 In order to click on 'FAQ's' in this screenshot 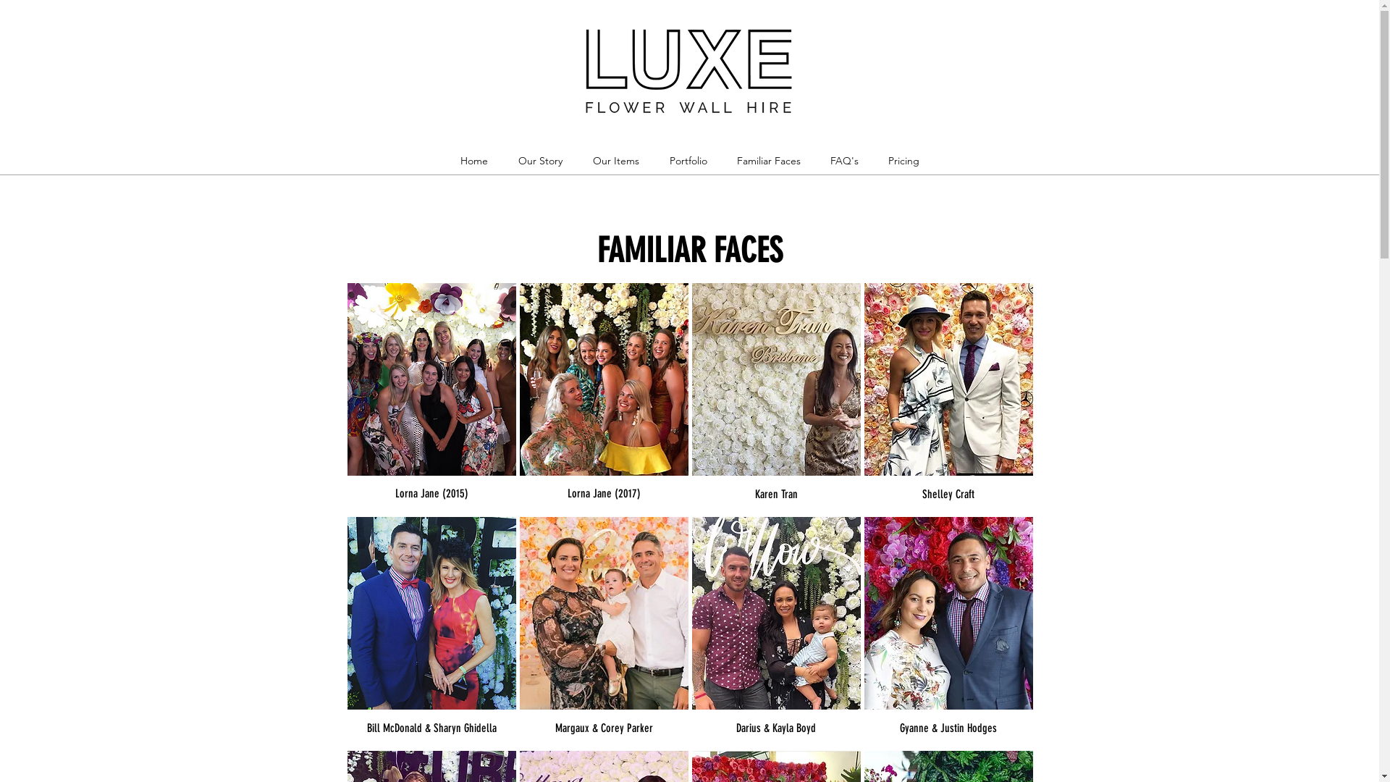, I will do `click(844, 161)`.